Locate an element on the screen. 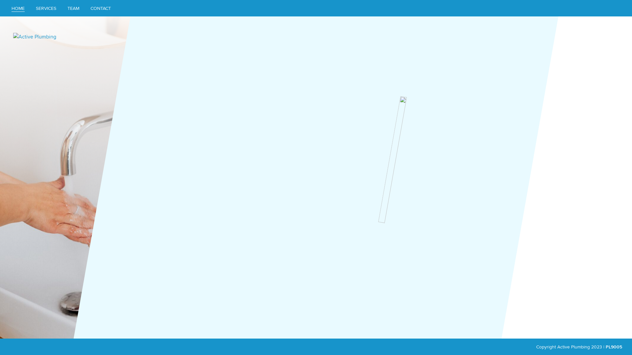  'TEAM' is located at coordinates (73, 8).